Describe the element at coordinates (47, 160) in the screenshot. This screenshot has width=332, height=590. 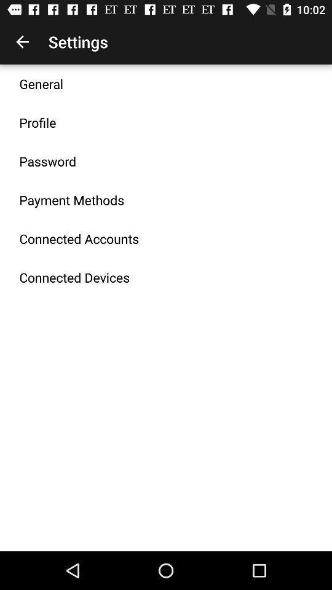
I see `item below the profile` at that location.